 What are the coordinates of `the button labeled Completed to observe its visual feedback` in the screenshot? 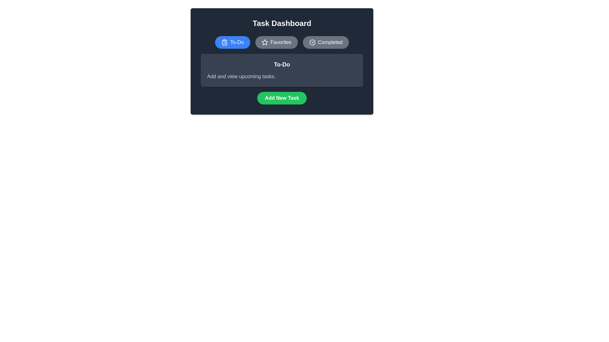 It's located at (326, 42).